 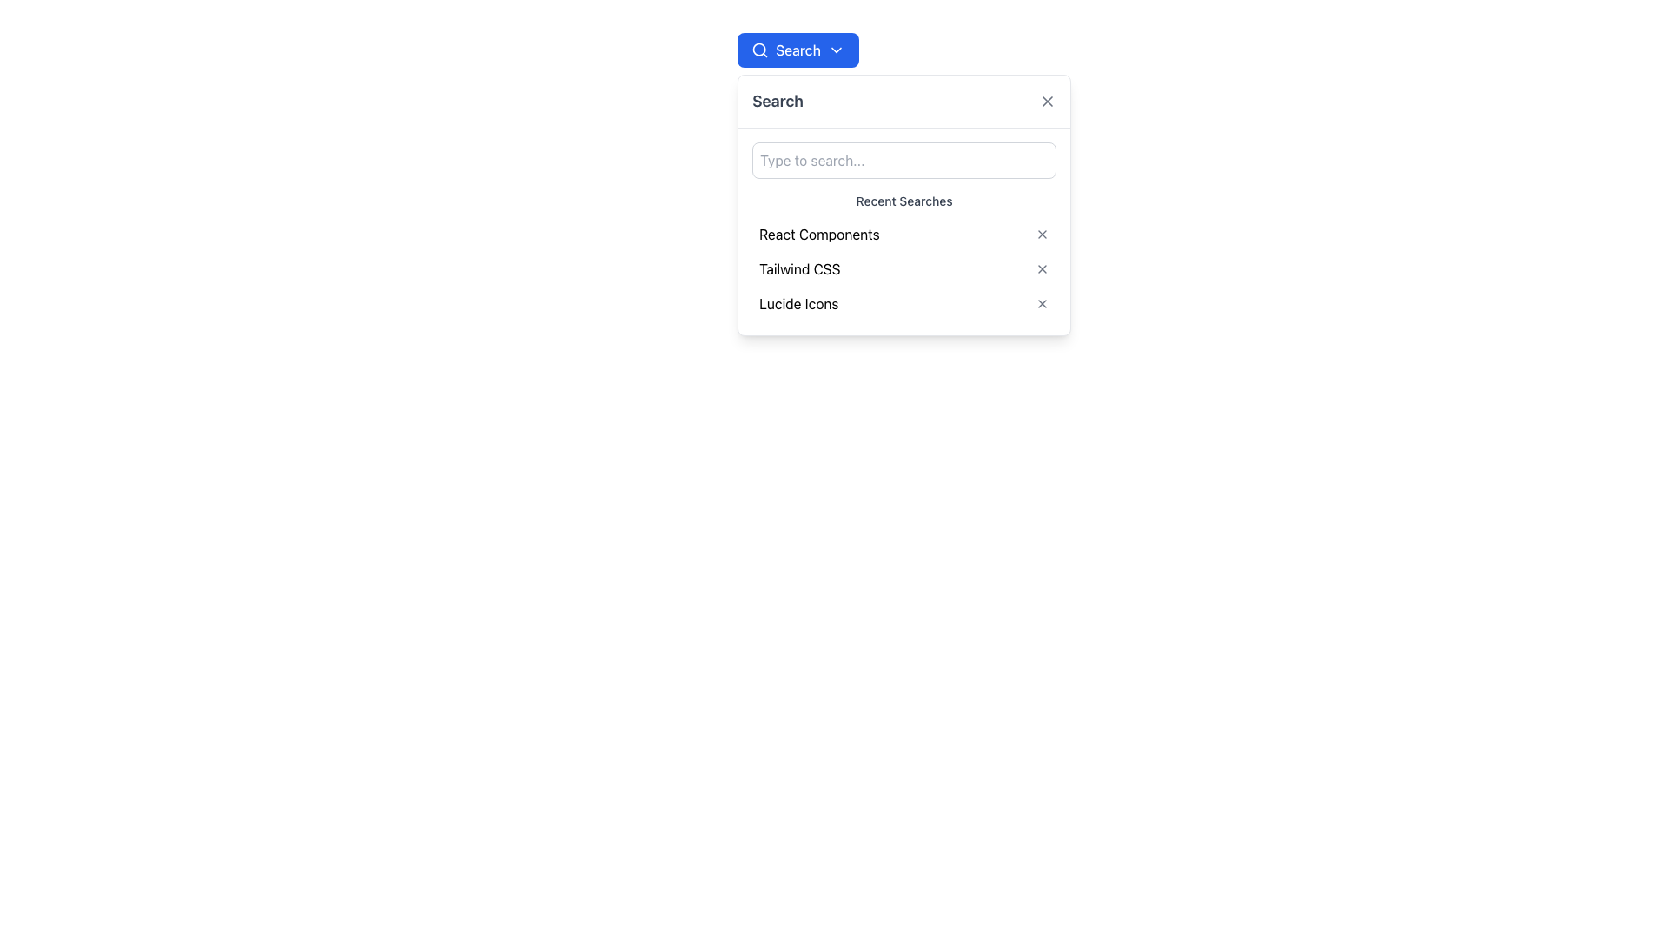 I want to click on the small, square-shaped button displaying an 'X' icon, which is positioned to the right of the text 'React Components' in the recent searches dropdown menu, so click(x=1042, y=234).